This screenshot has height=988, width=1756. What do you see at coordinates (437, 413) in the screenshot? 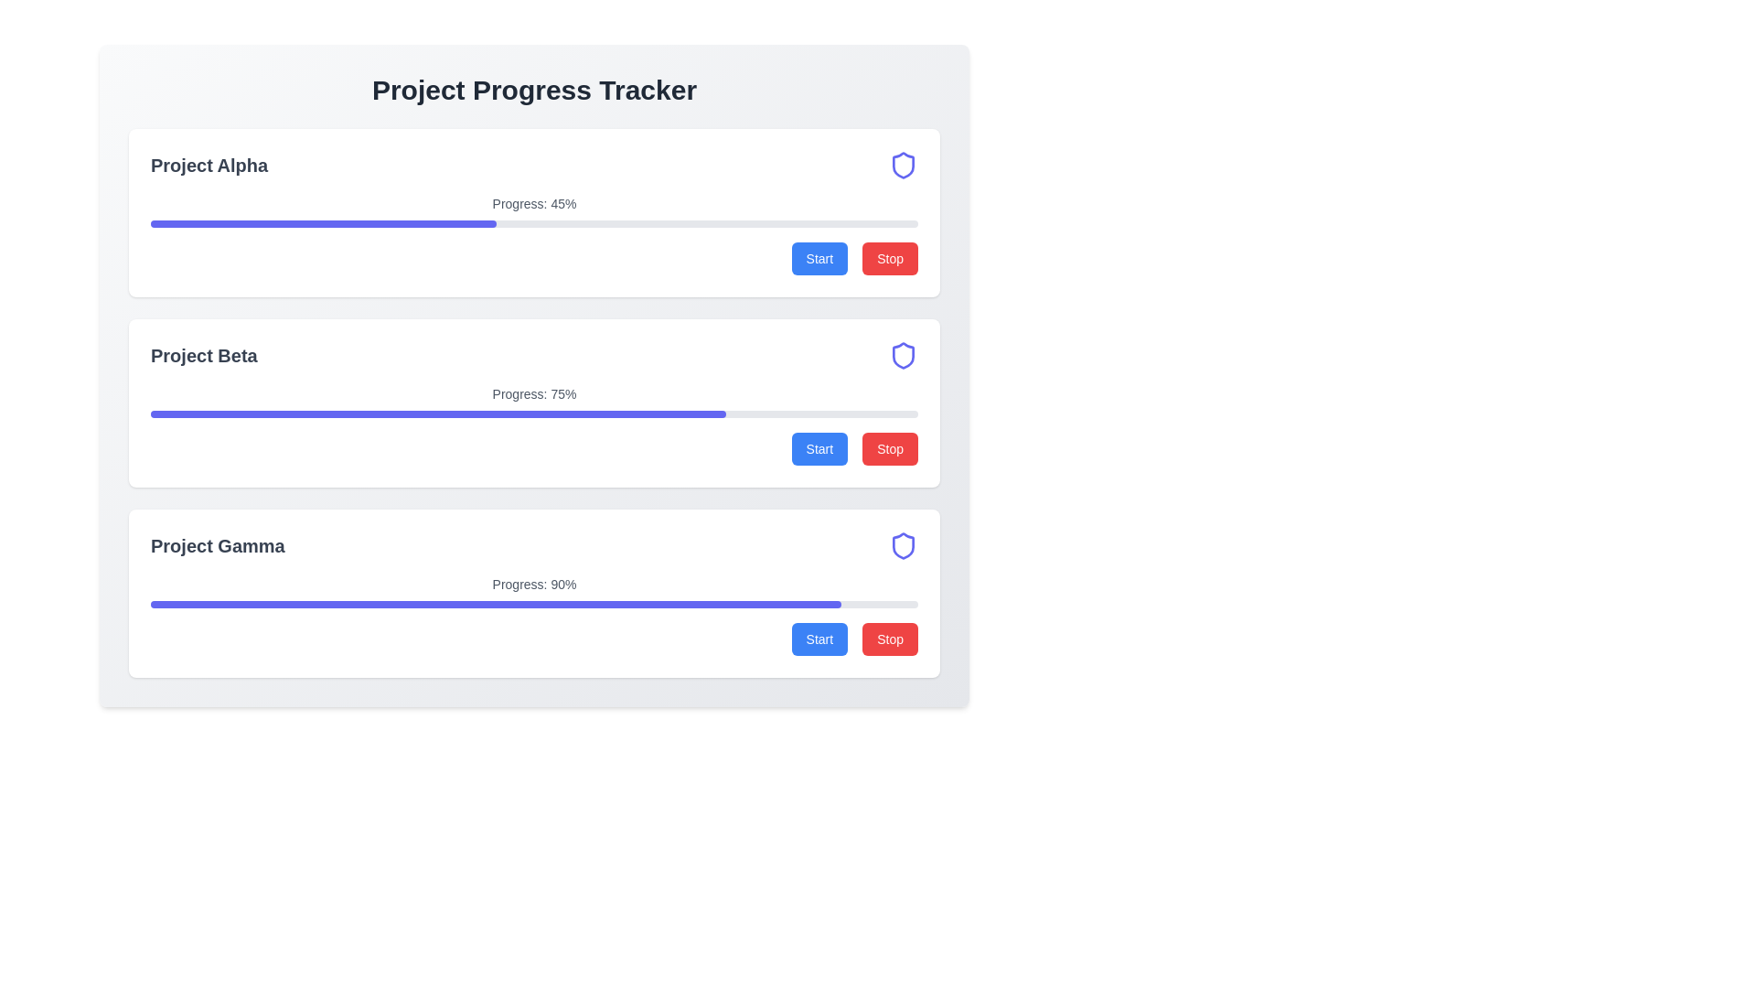
I see `the progress indicator bar representing 75% completion for 'Project Beta'` at bounding box center [437, 413].